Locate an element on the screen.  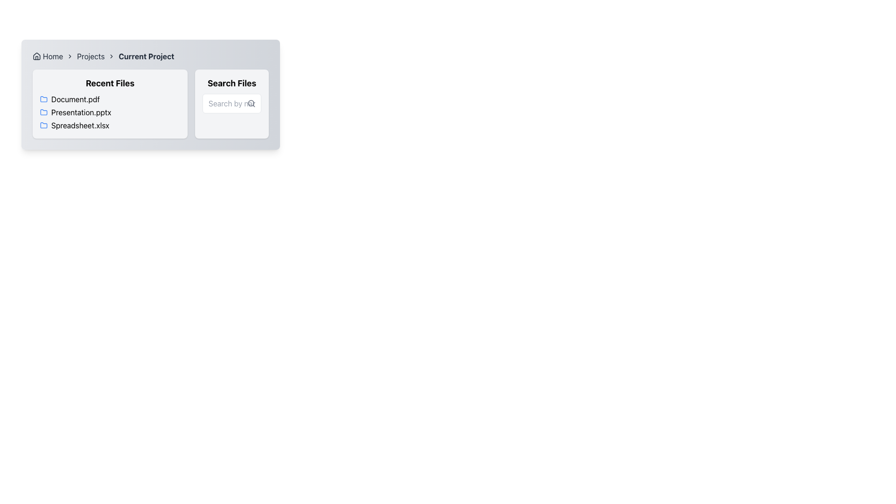
the text label displaying 'Document.pdf' located in the 'Recent Files' section, which is the first item in the list next to a blue folder icon is located at coordinates (76, 99).